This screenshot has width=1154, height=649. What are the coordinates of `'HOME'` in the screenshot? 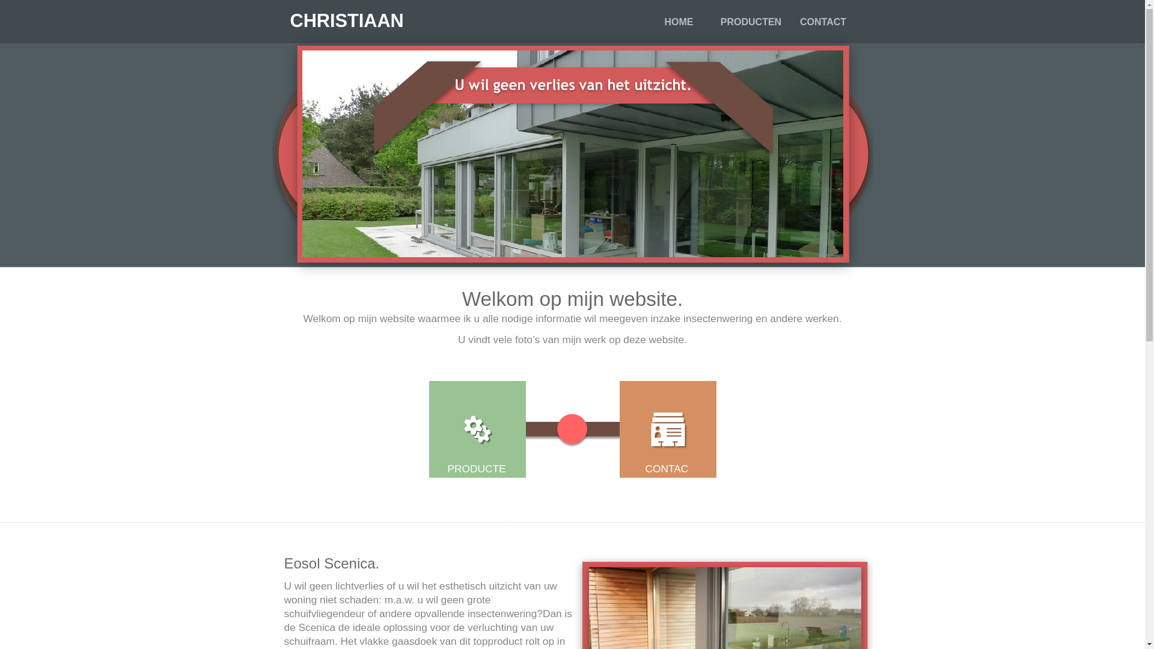 It's located at (643, 22).